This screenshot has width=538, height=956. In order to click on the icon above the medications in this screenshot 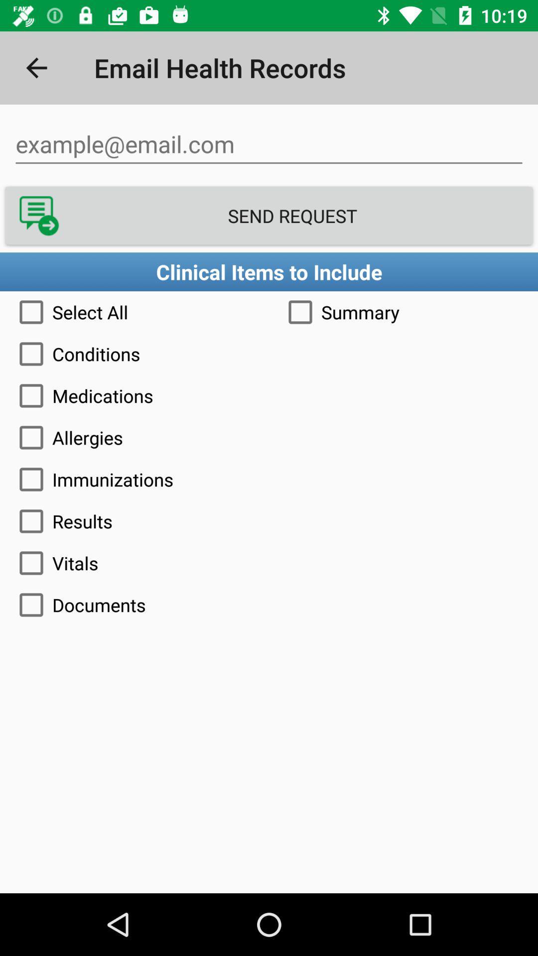, I will do `click(269, 354)`.